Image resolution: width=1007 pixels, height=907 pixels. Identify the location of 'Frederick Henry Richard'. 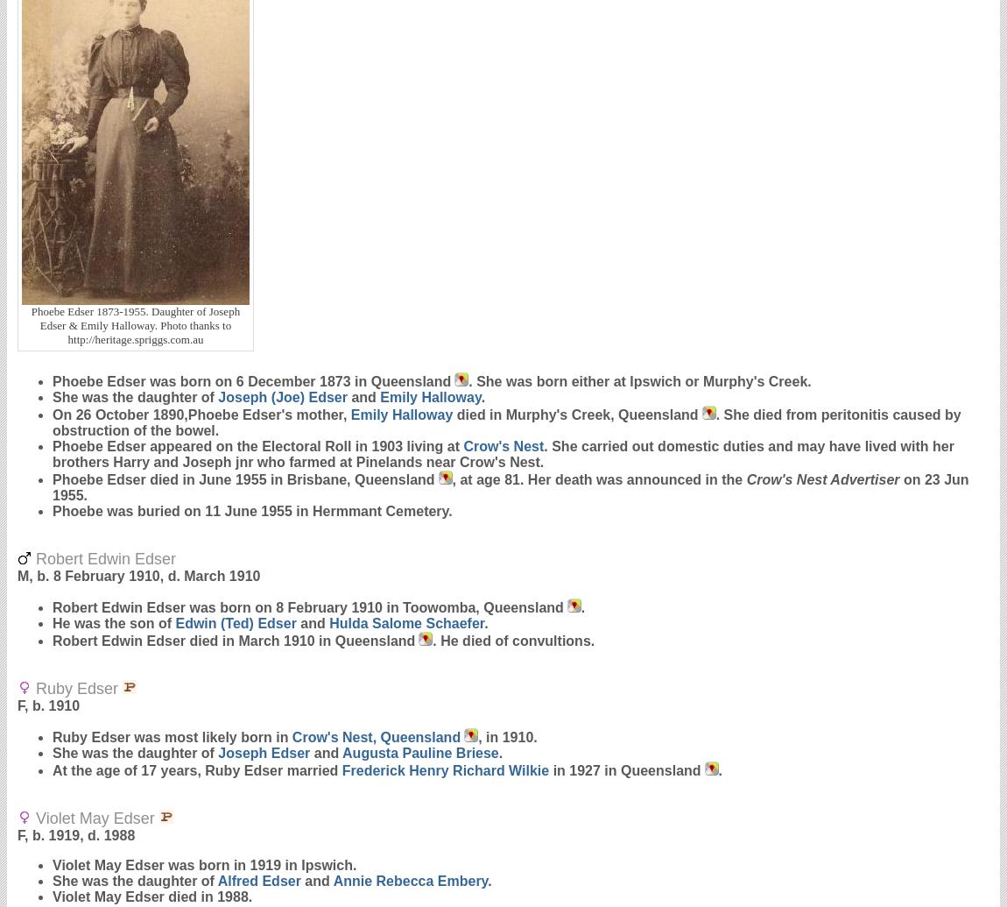
(425, 769).